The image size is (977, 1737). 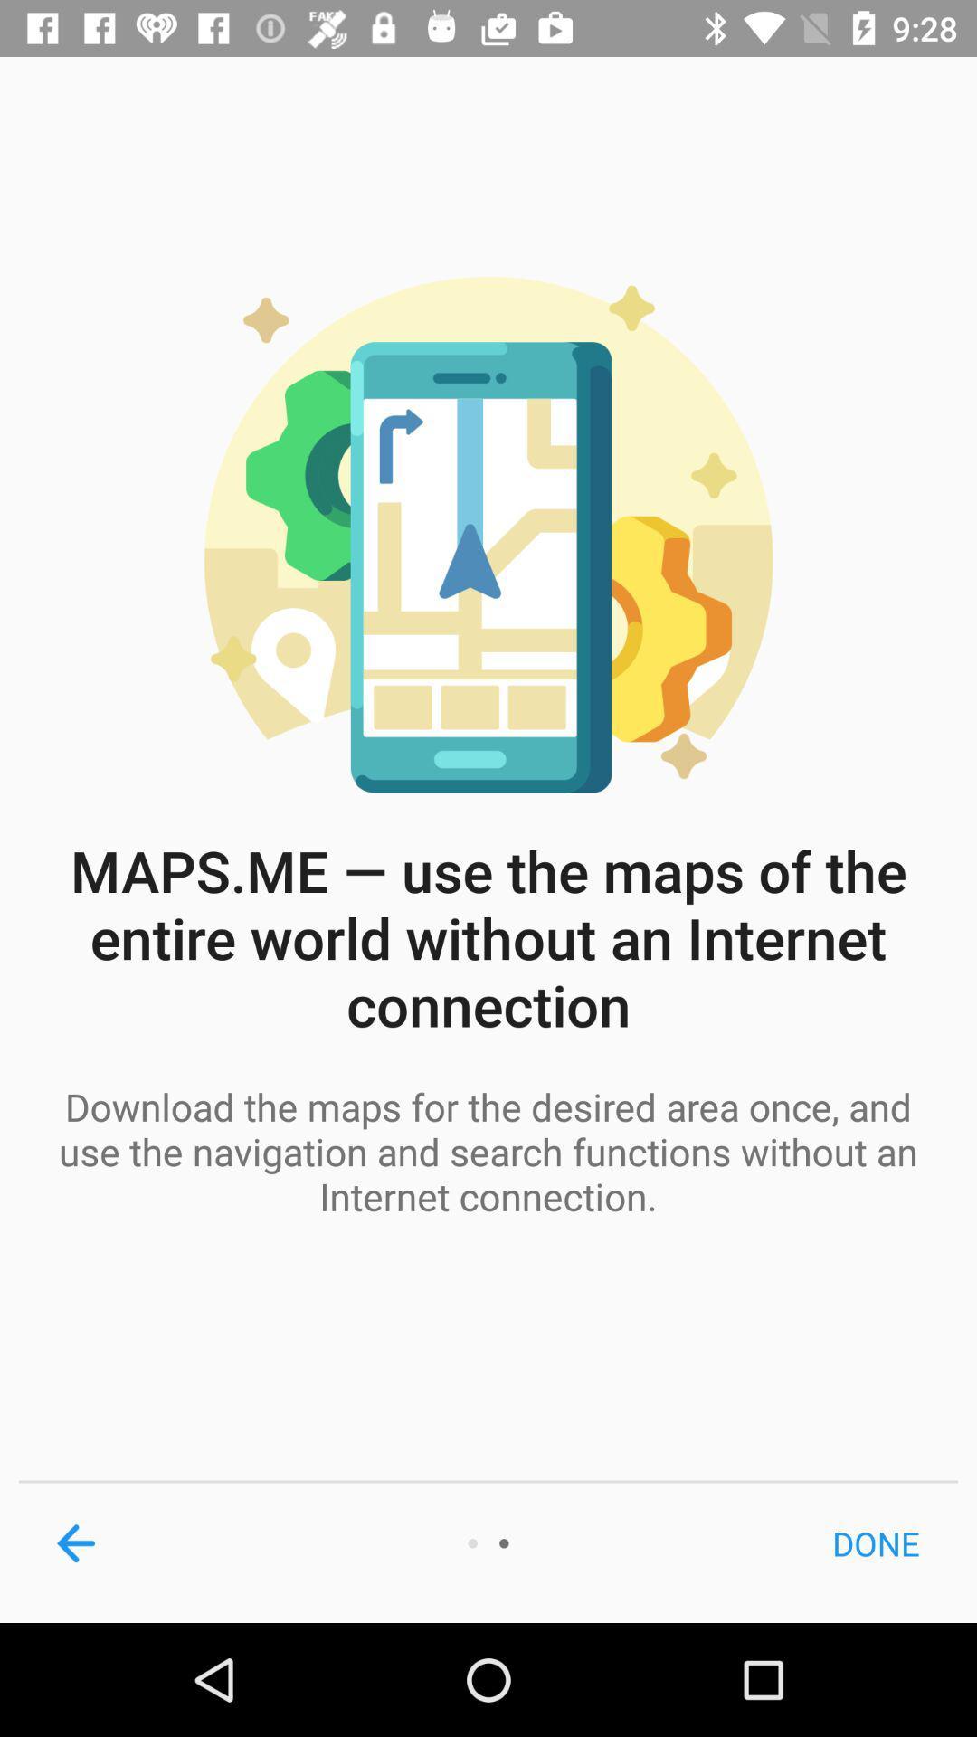 I want to click on item at the bottom right corner, so click(x=875, y=1542).